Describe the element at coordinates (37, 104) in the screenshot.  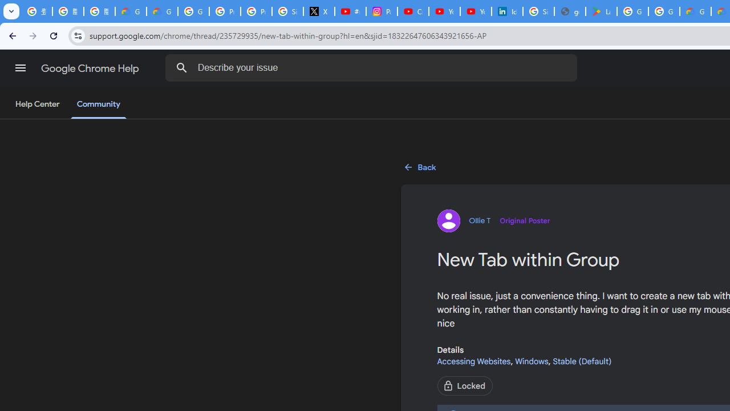
I see `'Help Center'` at that location.